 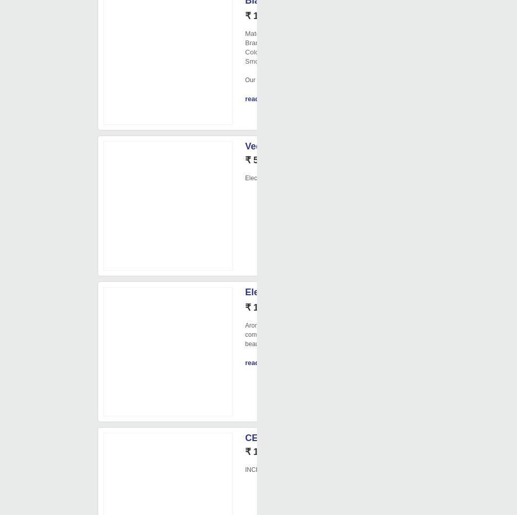 What do you see at coordinates (262, 452) in the screenshot?
I see `'₹ 1,000/'` at bounding box center [262, 452].